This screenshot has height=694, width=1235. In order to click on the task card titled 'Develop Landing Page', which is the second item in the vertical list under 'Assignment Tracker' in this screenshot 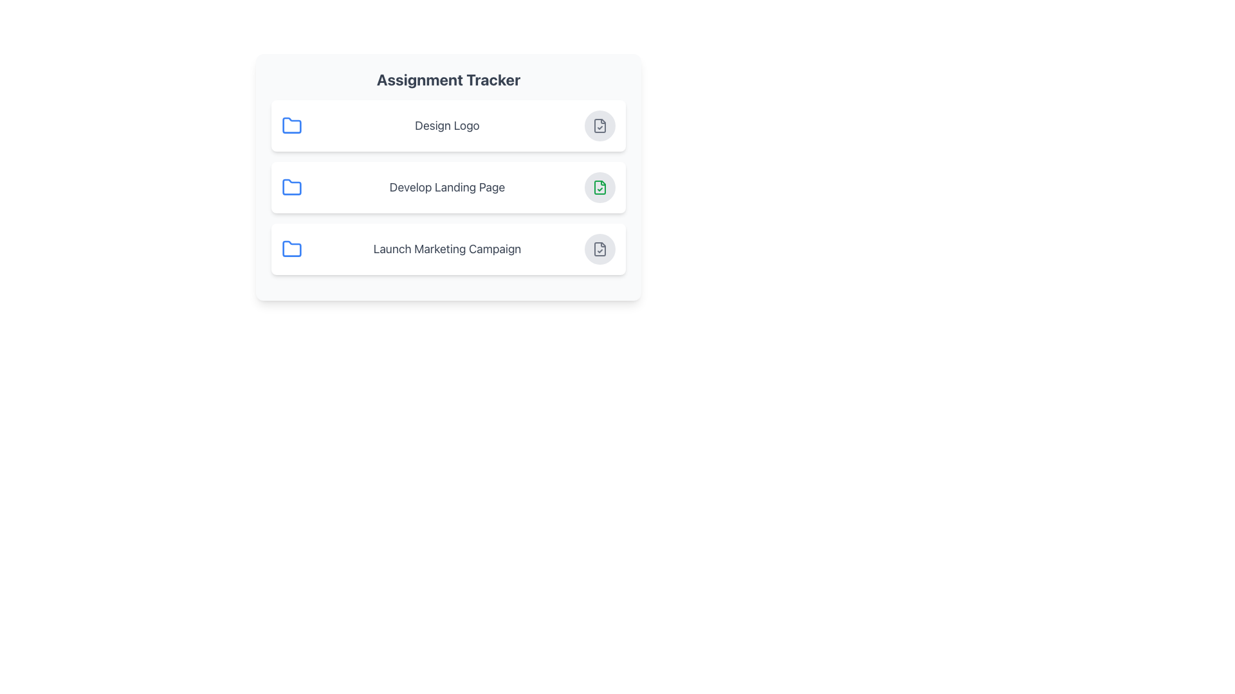, I will do `click(448, 188)`.